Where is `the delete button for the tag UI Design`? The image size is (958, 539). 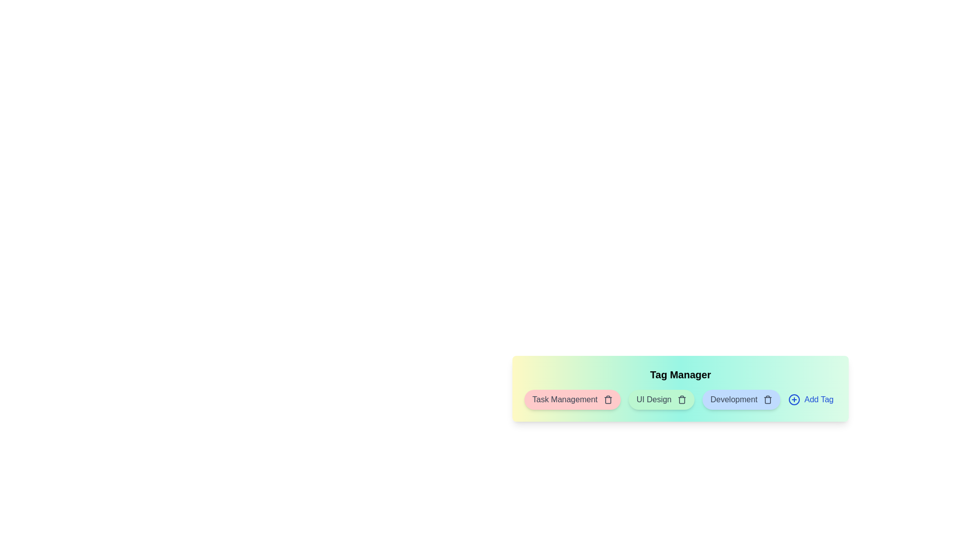
the delete button for the tag UI Design is located at coordinates (682, 399).